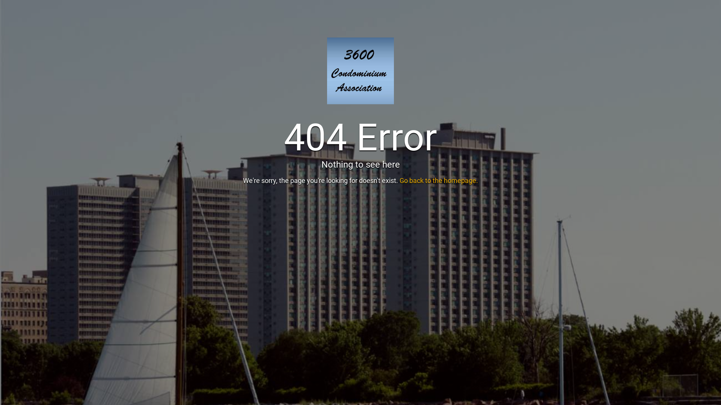  Describe the element at coordinates (439, 180) in the screenshot. I see `'Go back to the homepage.'` at that location.